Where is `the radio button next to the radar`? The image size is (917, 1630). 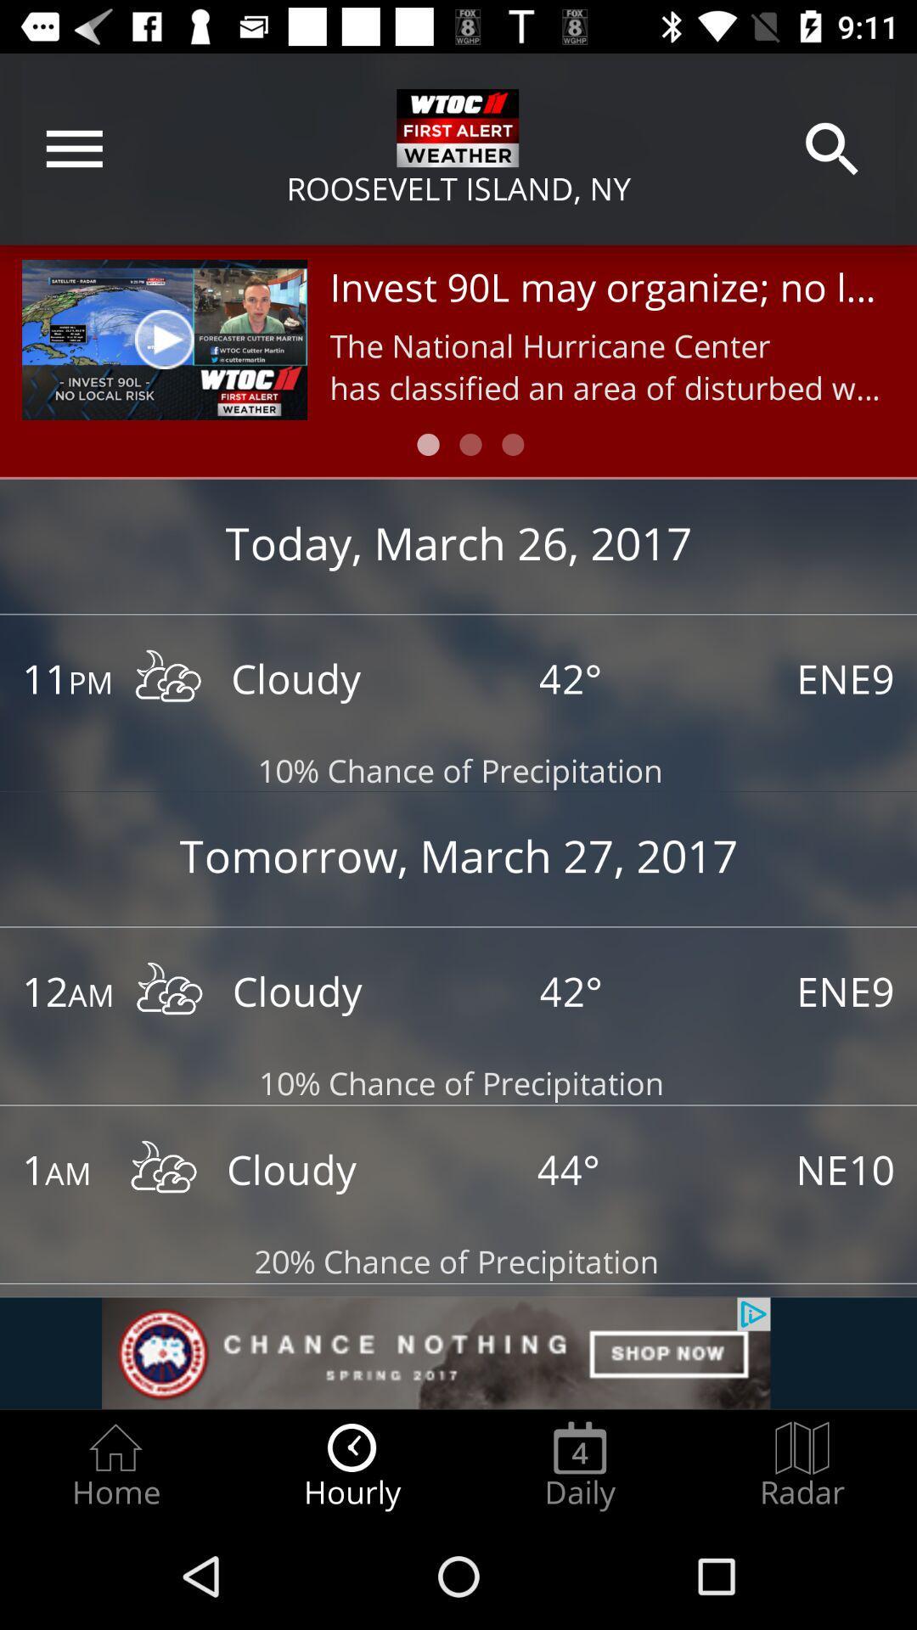
the radio button next to the radar is located at coordinates (579, 1465).